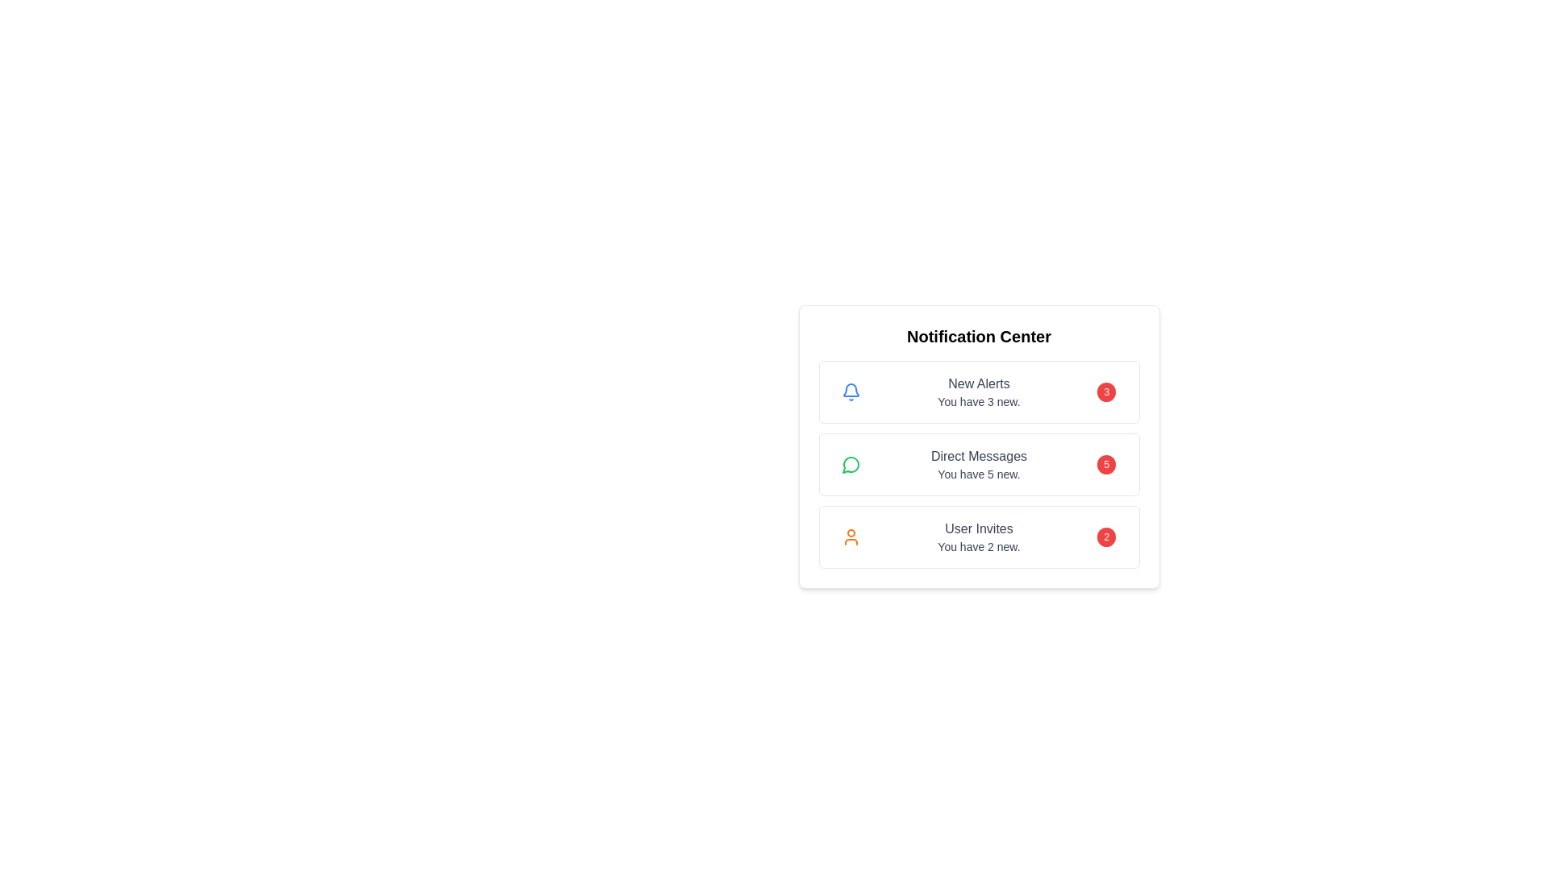  What do you see at coordinates (978, 457) in the screenshot?
I see `the title text label for the notification section providing updates on direct messages, located above the text 'You have 5 new.'` at bounding box center [978, 457].